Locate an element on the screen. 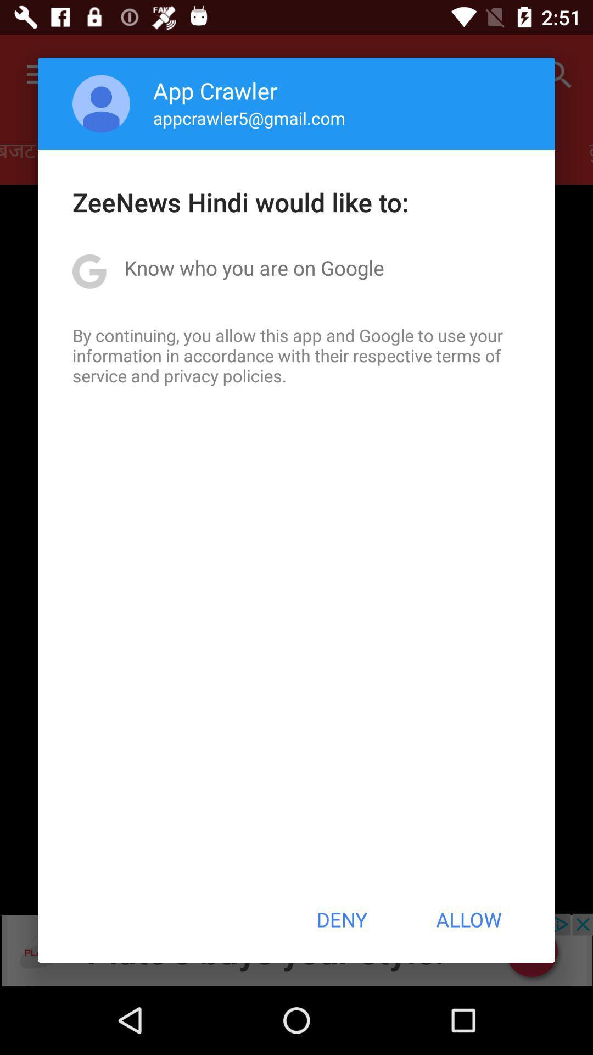 This screenshot has height=1055, width=593. button to the left of allow is located at coordinates (341, 919).